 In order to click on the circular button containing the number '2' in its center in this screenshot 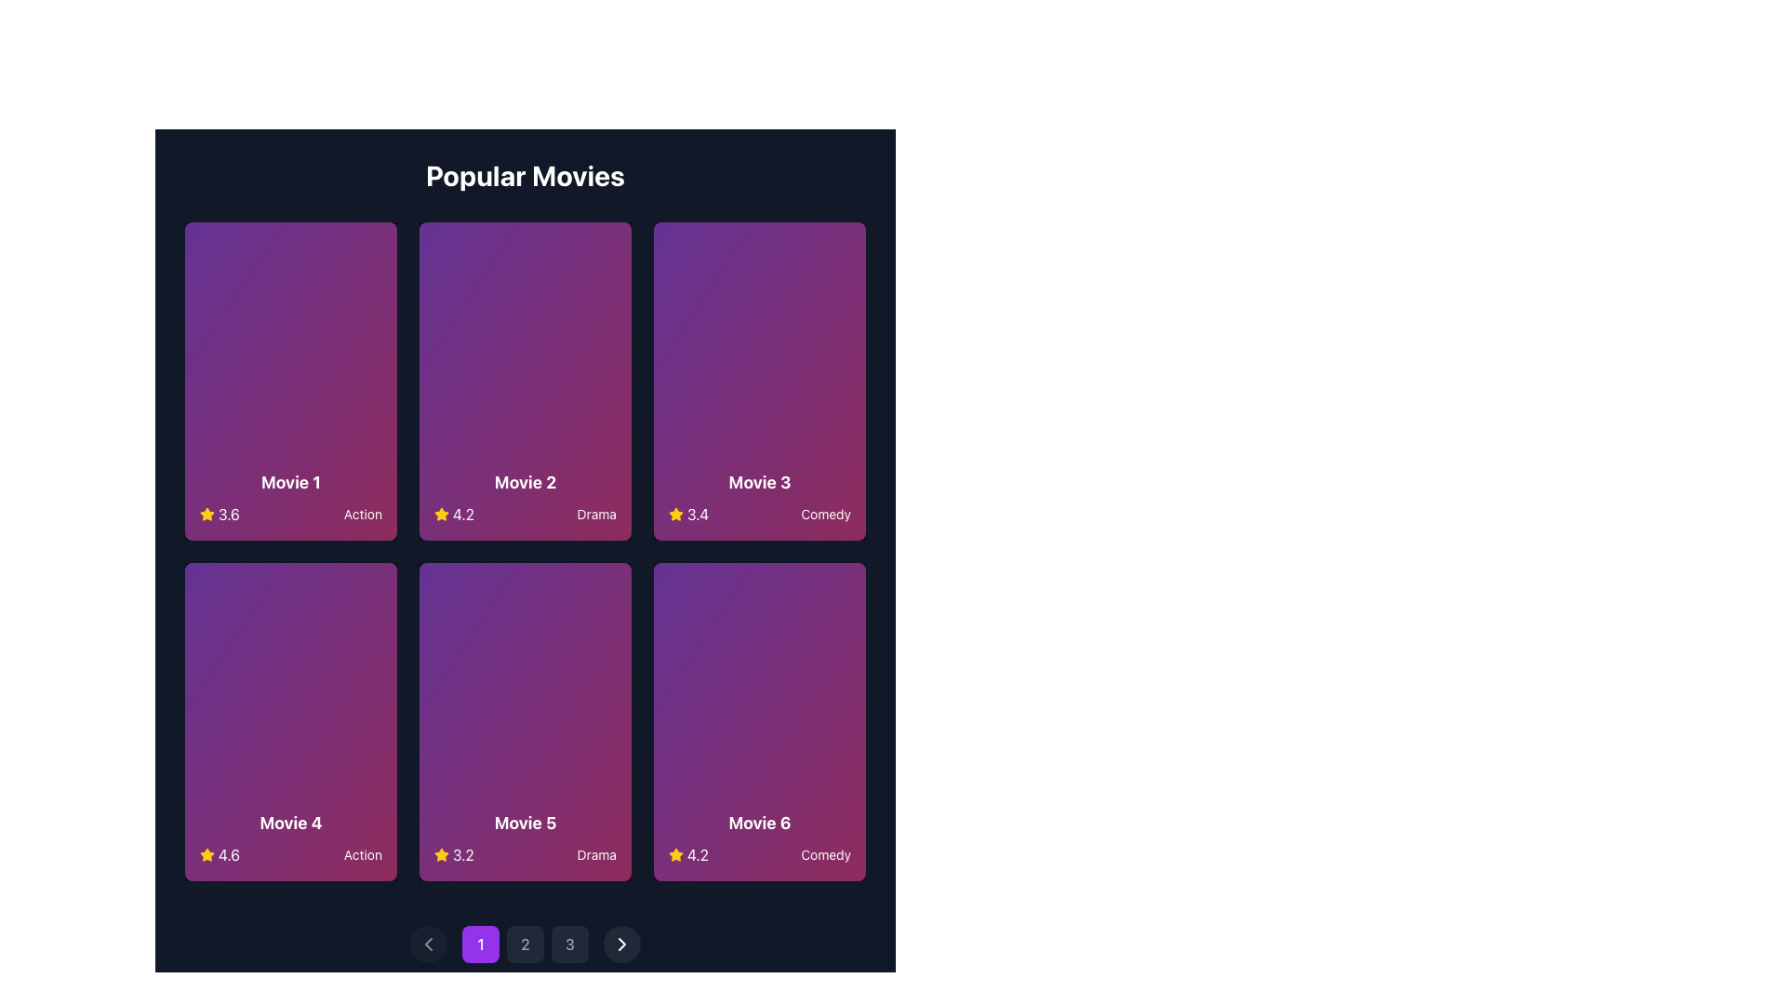, I will do `click(525, 944)`.